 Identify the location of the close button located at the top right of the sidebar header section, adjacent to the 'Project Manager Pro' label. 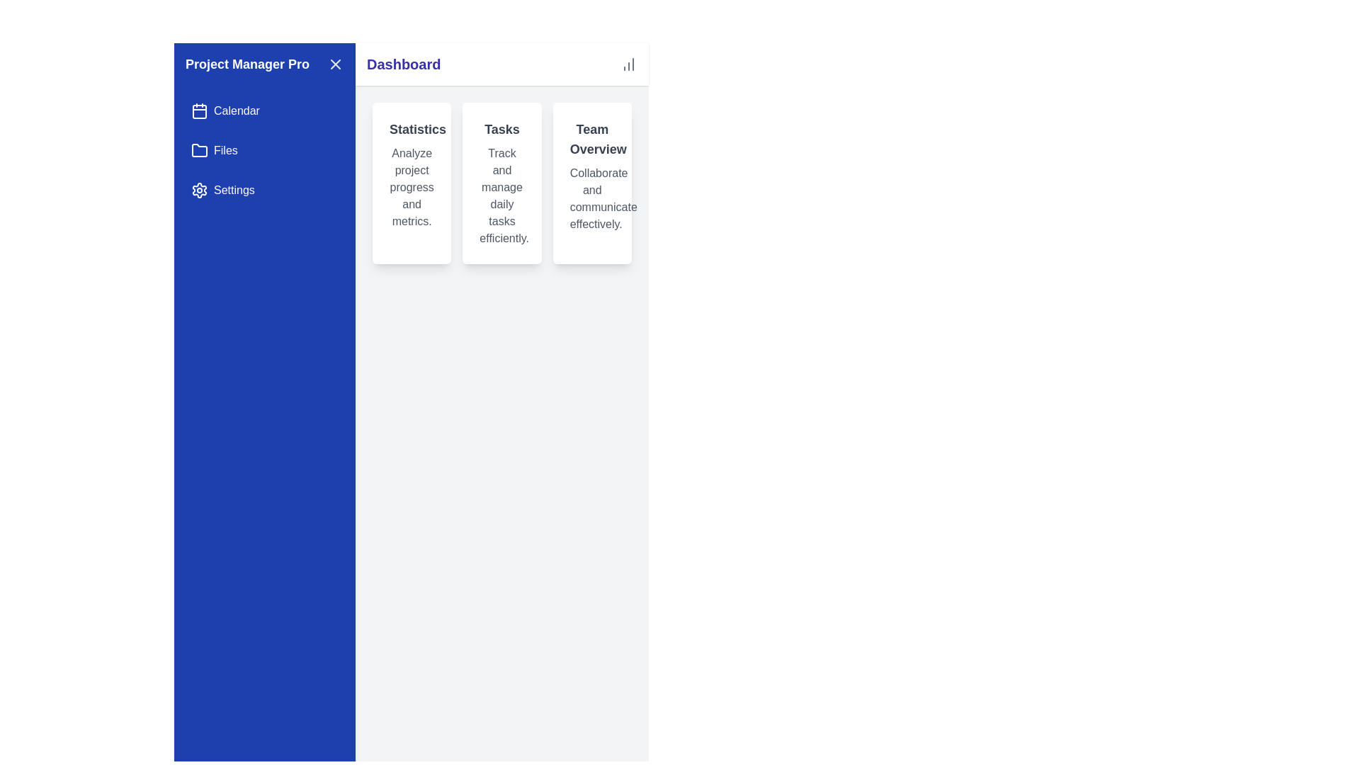
(335, 64).